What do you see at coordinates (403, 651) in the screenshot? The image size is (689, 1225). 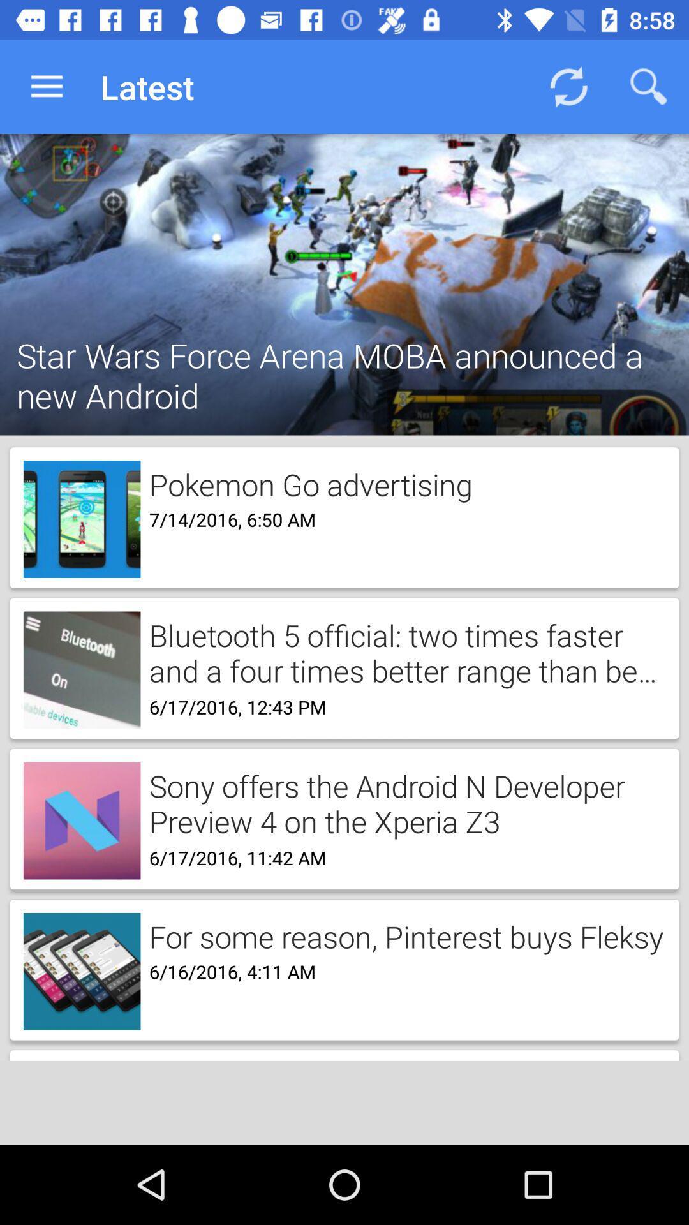 I see `the icon above 6 17 2016 item` at bounding box center [403, 651].